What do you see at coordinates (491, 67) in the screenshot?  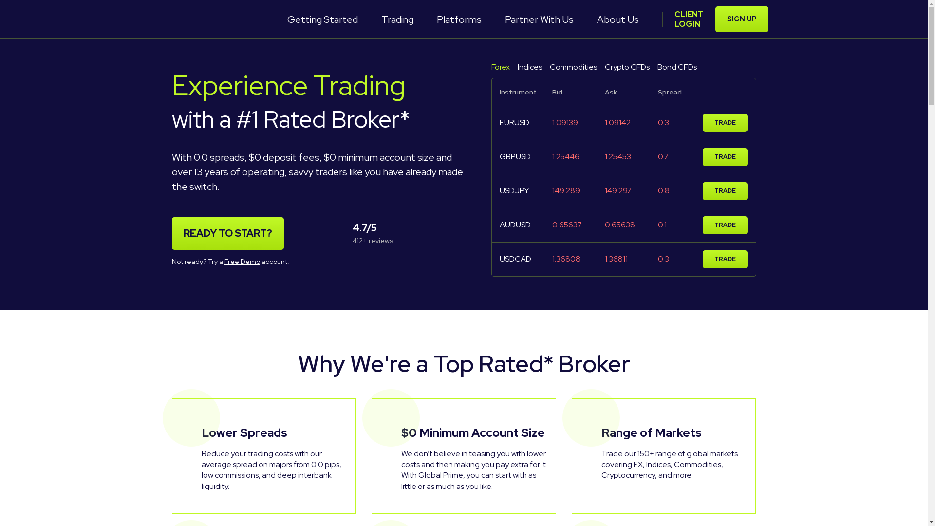 I see `'Forex'` at bounding box center [491, 67].